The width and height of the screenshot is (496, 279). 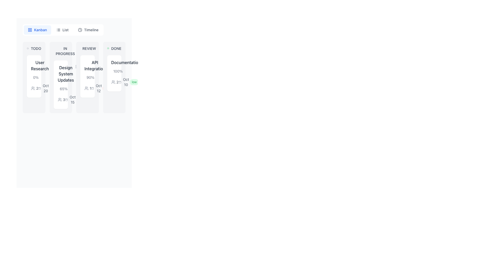 What do you see at coordinates (64, 99) in the screenshot?
I see `the displayed information of the text label indicating the number of users or participants associated with the 'Design System Updates' card under the 'IN PROGRESS' column` at bounding box center [64, 99].